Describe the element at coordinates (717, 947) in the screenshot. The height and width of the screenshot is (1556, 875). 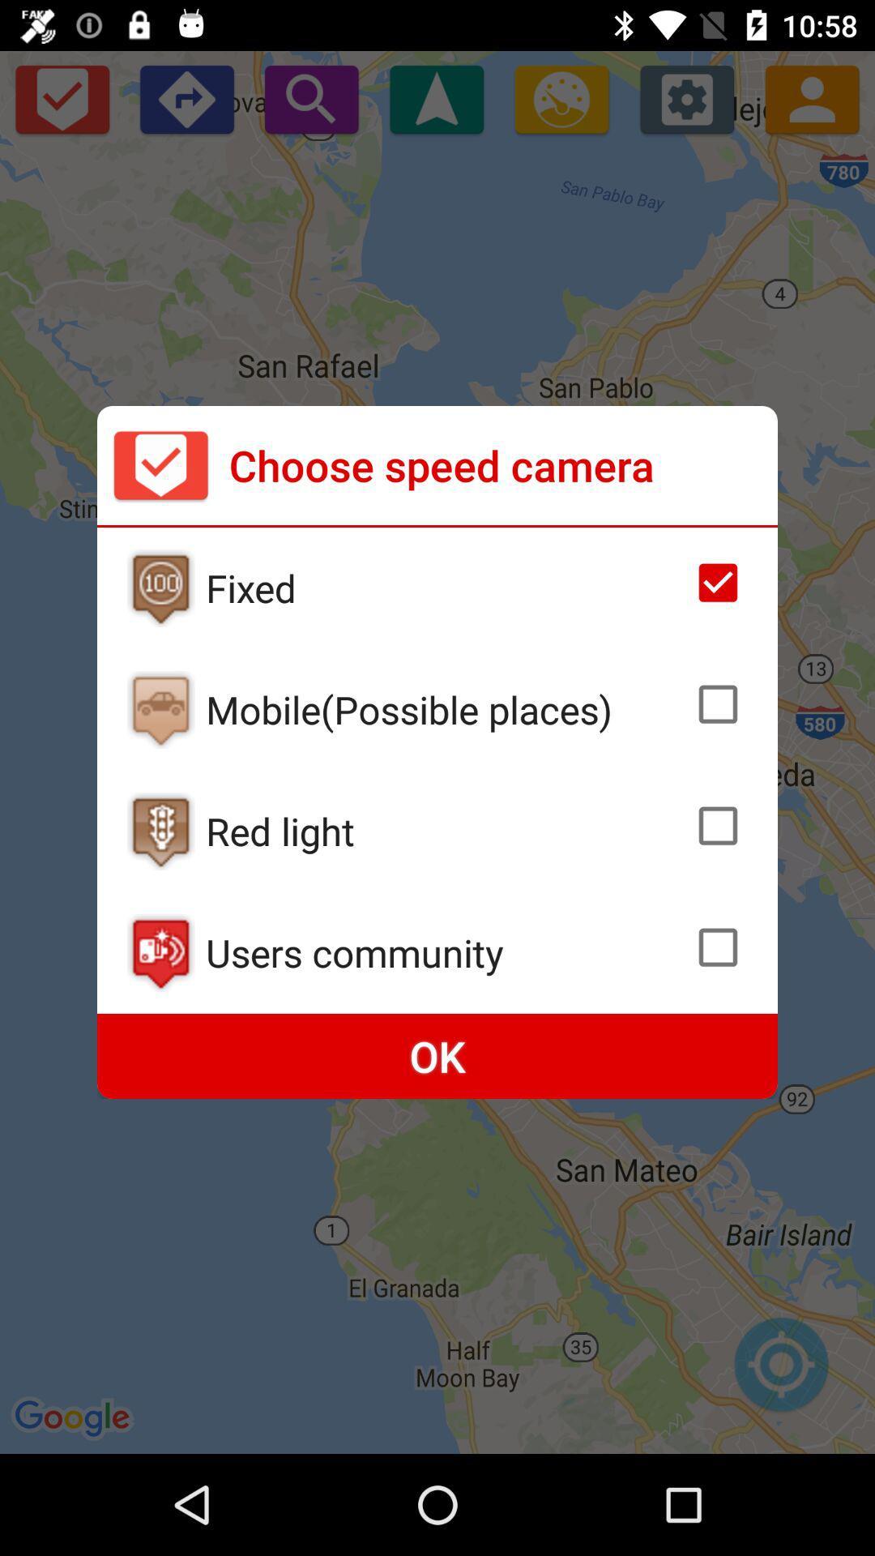
I see `check box` at that location.